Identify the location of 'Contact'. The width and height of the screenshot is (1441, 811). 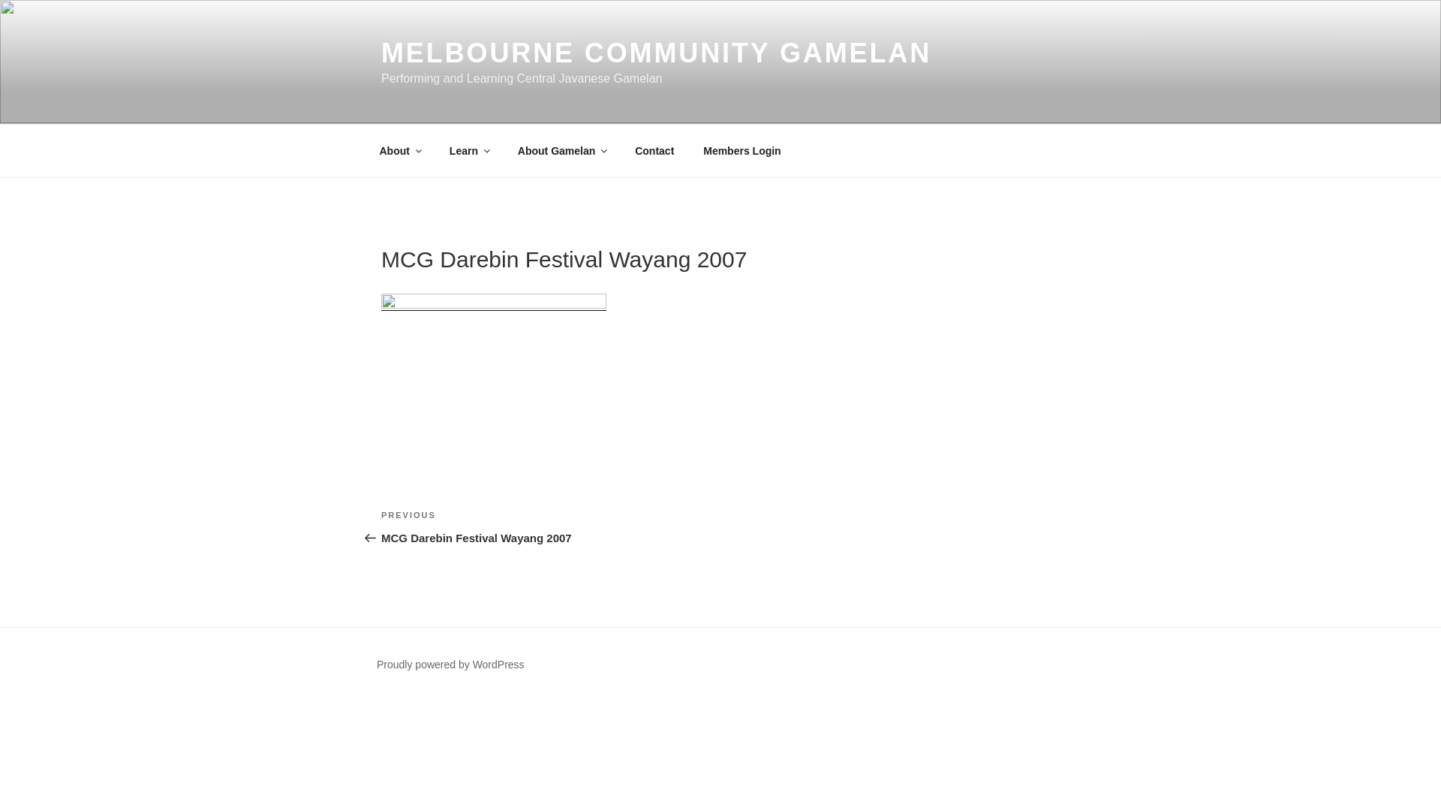
(654, 150).